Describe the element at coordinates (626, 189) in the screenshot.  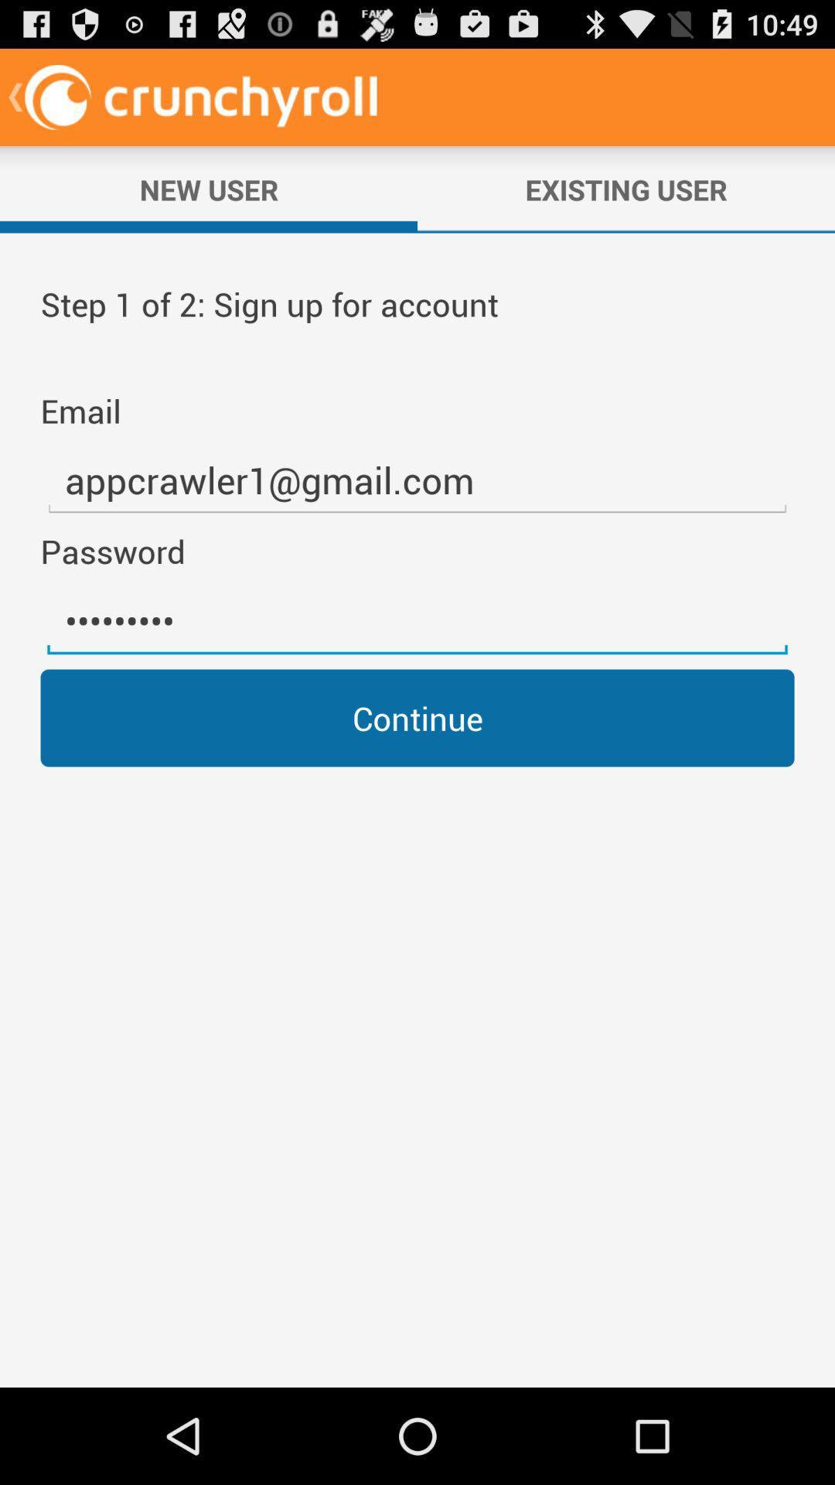
I see `item to the right of the new user icon` at that location.